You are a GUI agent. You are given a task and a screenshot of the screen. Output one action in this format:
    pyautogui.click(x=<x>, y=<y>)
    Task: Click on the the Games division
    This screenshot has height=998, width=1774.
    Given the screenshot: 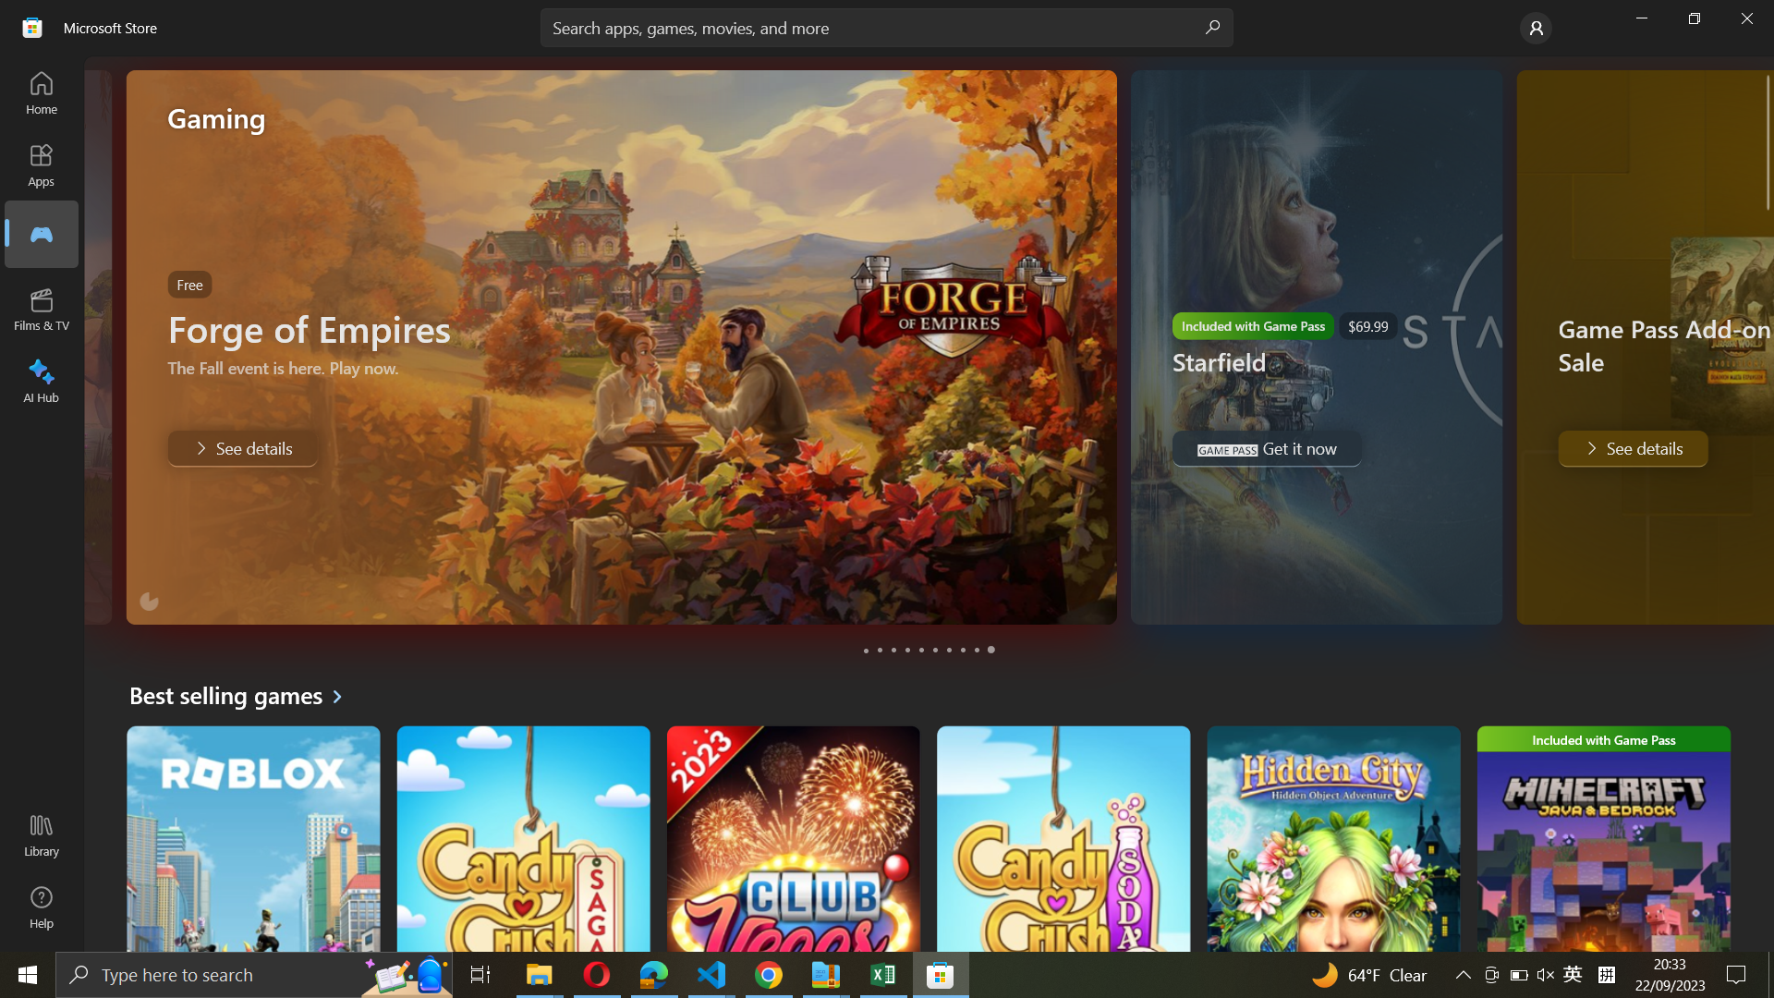 What is the action you would take?
    pyautogui.click(x=40, y=233)
    